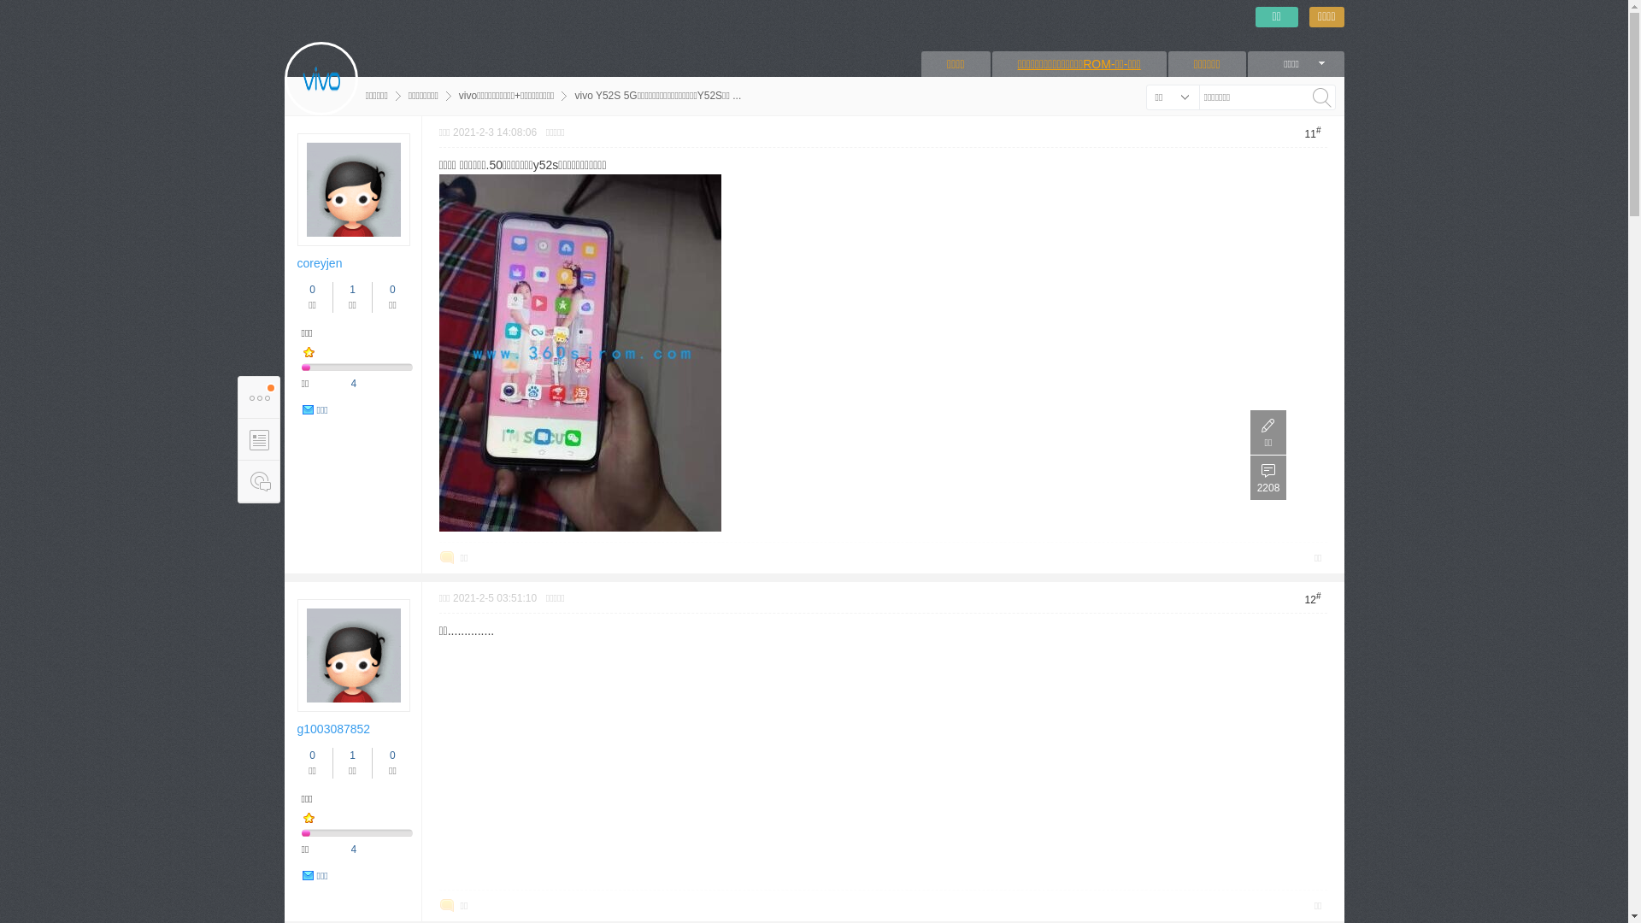  I want to click on 'coreyjen', so click(320, 263).